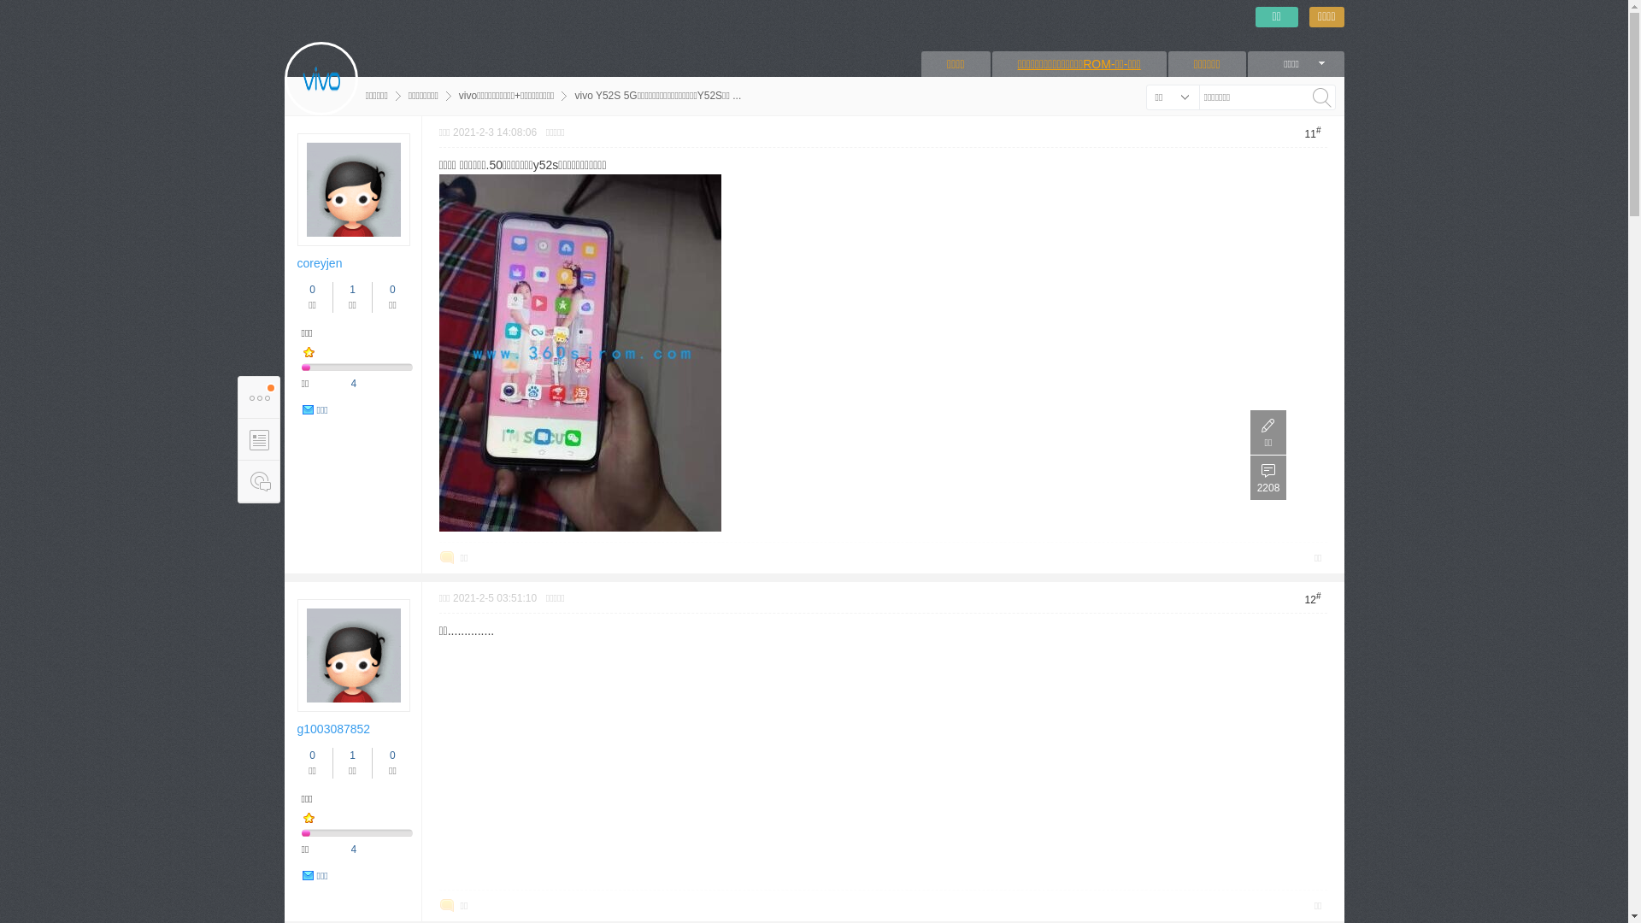  I want to click on 'coreyjen', so click(320, 263).